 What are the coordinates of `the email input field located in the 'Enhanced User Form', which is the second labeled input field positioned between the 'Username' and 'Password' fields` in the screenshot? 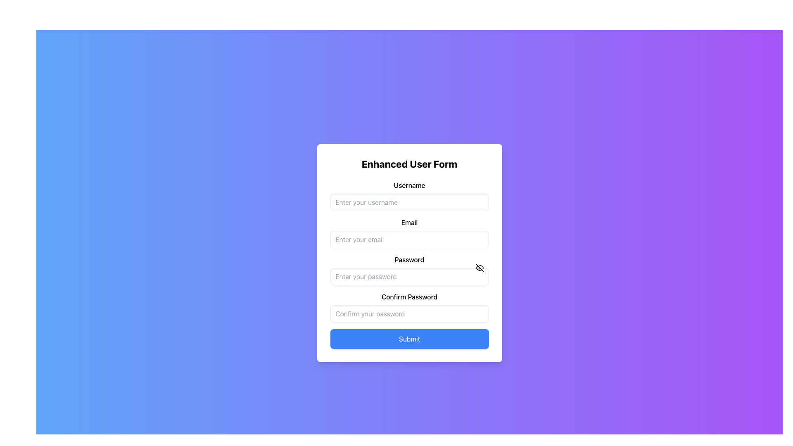 It's located at (409, 232).